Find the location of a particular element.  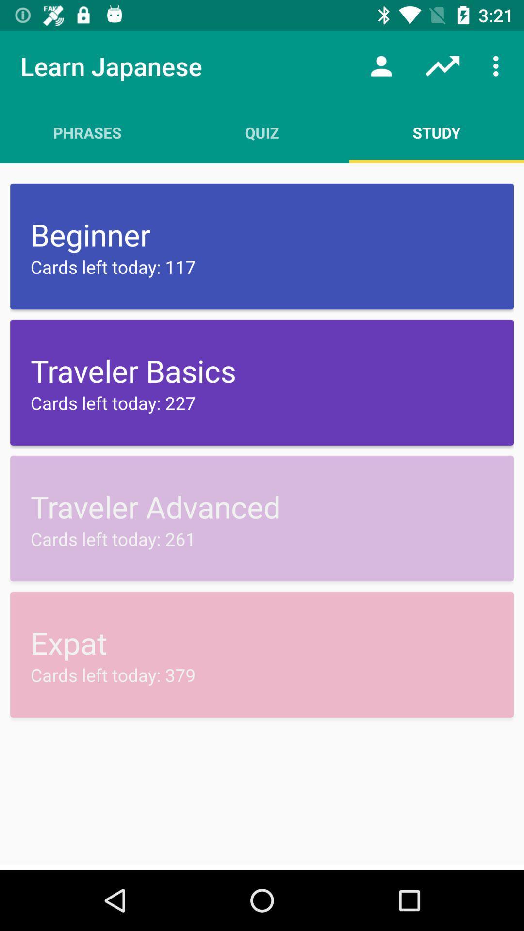

the study icon is located at coordinates (436, 132).